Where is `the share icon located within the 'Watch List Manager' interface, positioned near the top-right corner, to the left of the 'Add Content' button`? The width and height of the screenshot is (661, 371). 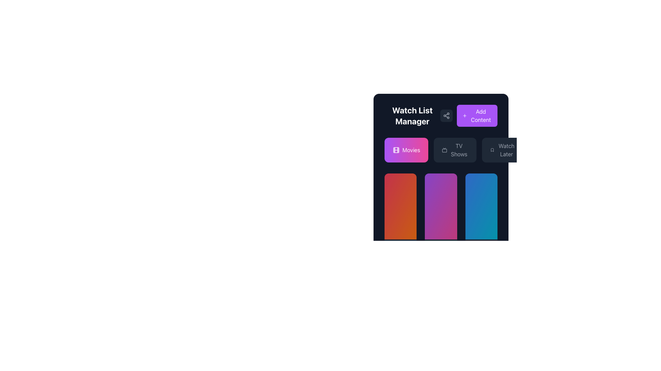 the share icon located within the 'Watch List Manager' interface, positioned near the top-right corner, to the left of the 'Add Content' button is located at coordinates (446, 115).